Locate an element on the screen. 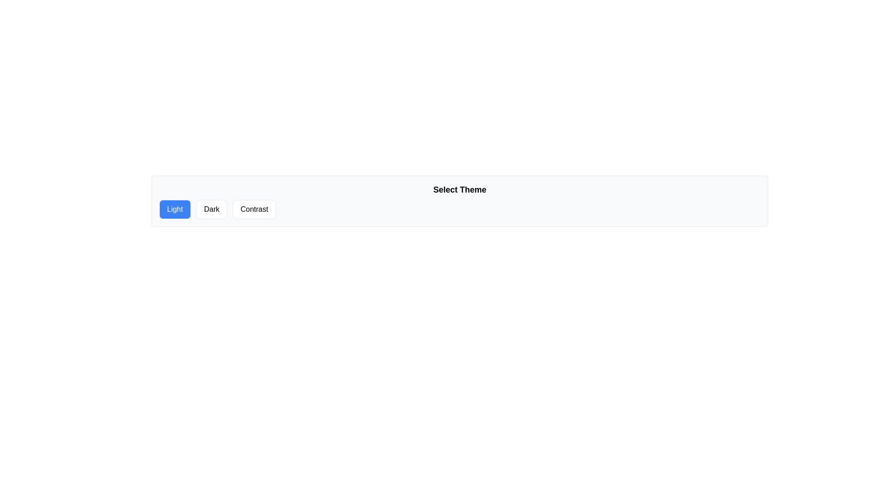 The image size is (879, 494). the leftmost button labeled 'Light' with a blue background is located at coordinates (175, 209).